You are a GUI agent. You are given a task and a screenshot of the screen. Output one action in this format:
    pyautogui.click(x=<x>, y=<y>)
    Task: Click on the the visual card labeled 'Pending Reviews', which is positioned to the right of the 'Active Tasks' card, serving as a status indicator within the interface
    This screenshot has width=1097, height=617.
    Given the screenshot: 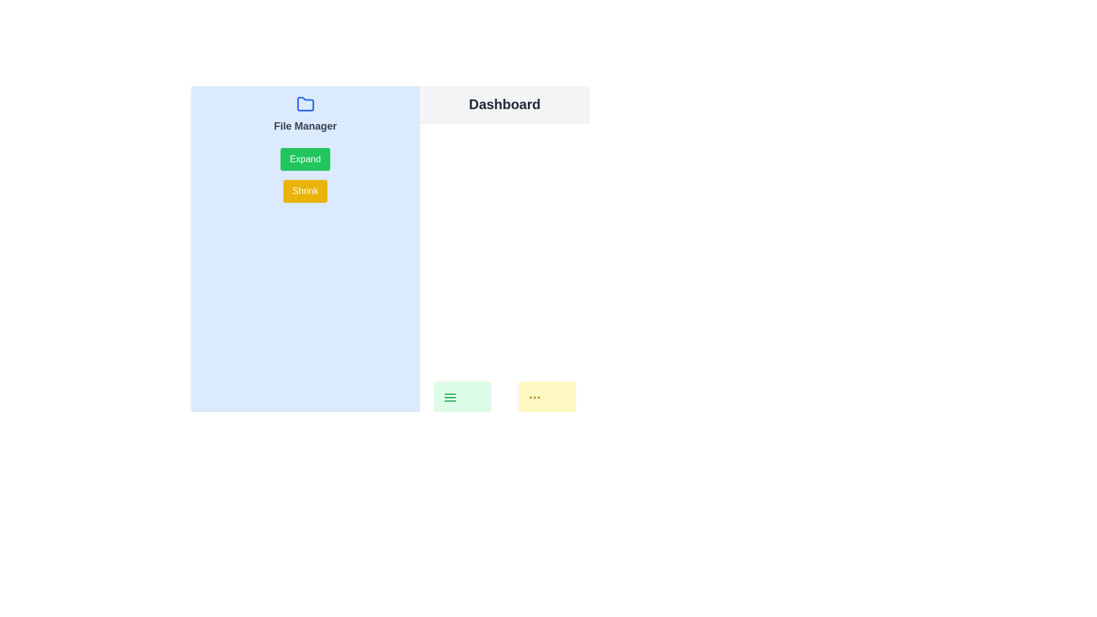 What is the action you would take?
    pyautogui.click(x=546, y=413)
    